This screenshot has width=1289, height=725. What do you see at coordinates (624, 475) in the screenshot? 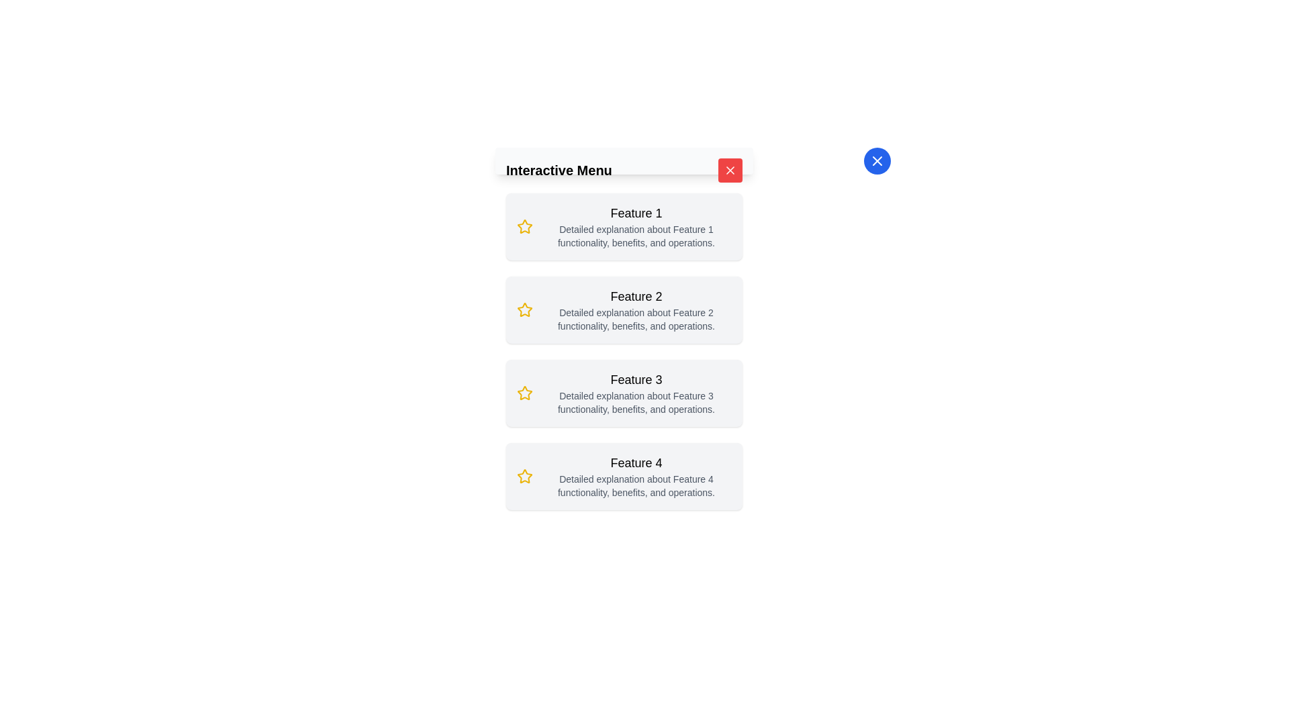
I see `the Feature card that describes Feature 4` at bounding box center [624, 475].